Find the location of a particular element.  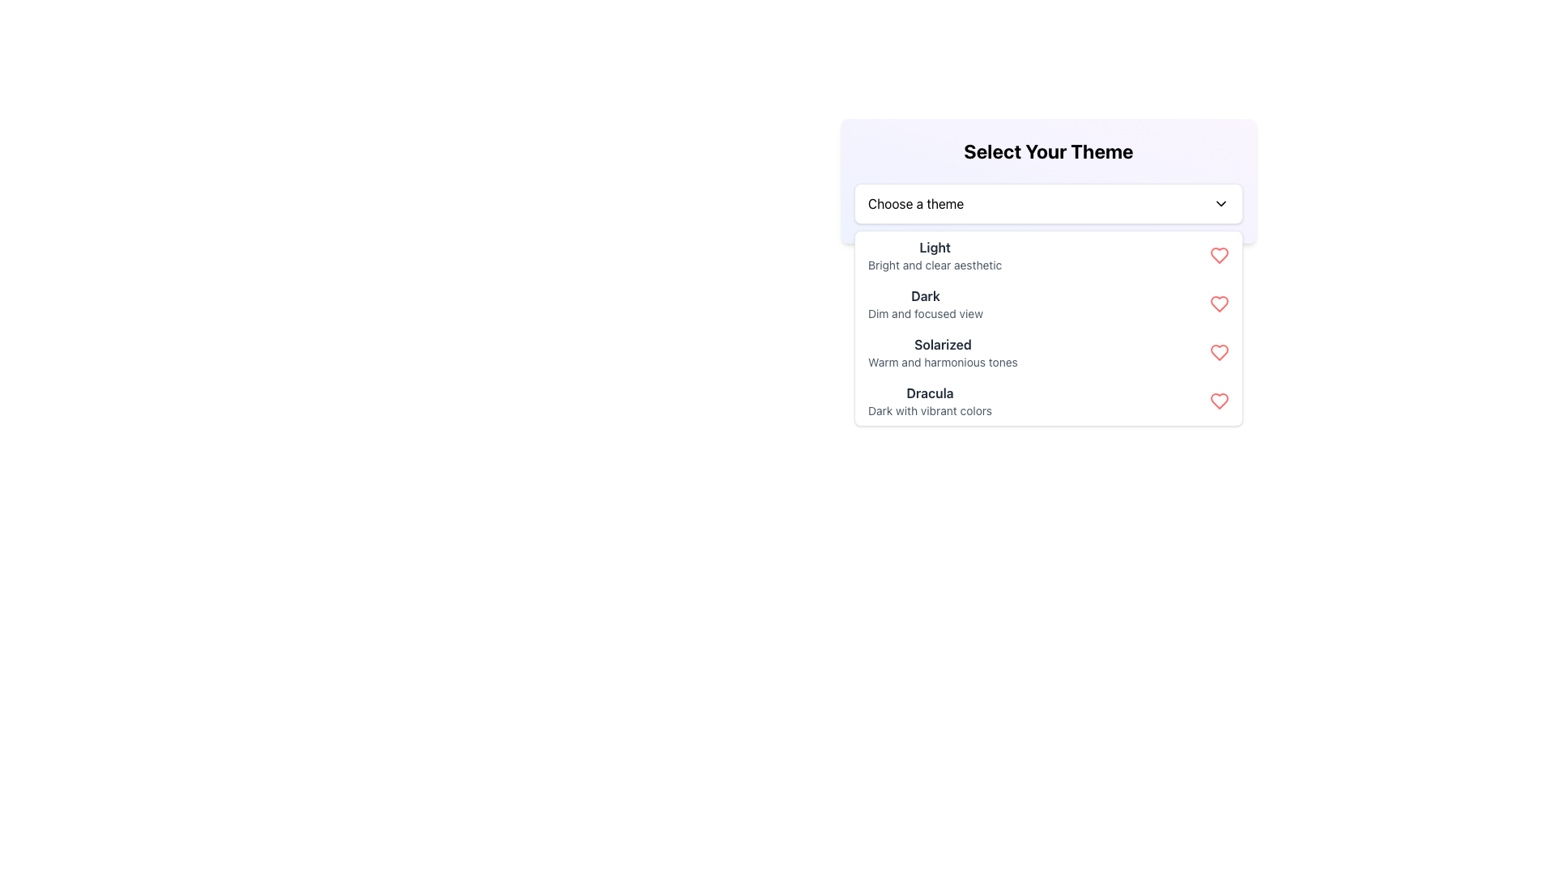

the first selectable theme option in the dropdown menu titled 'Select Your Theme' is located at coordinates (935, 255).